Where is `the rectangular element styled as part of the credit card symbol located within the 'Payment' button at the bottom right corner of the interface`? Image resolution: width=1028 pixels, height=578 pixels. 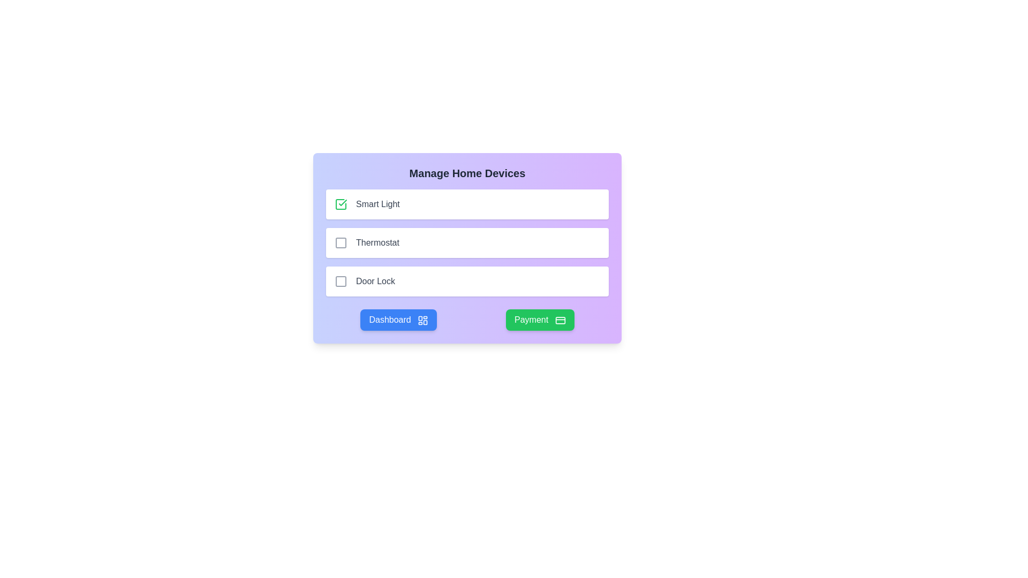
the rectangular element styled as part of the credit card symbol located within the 'Payment' button at the bottom right corner of the interface is located at coordinates (560, 320).